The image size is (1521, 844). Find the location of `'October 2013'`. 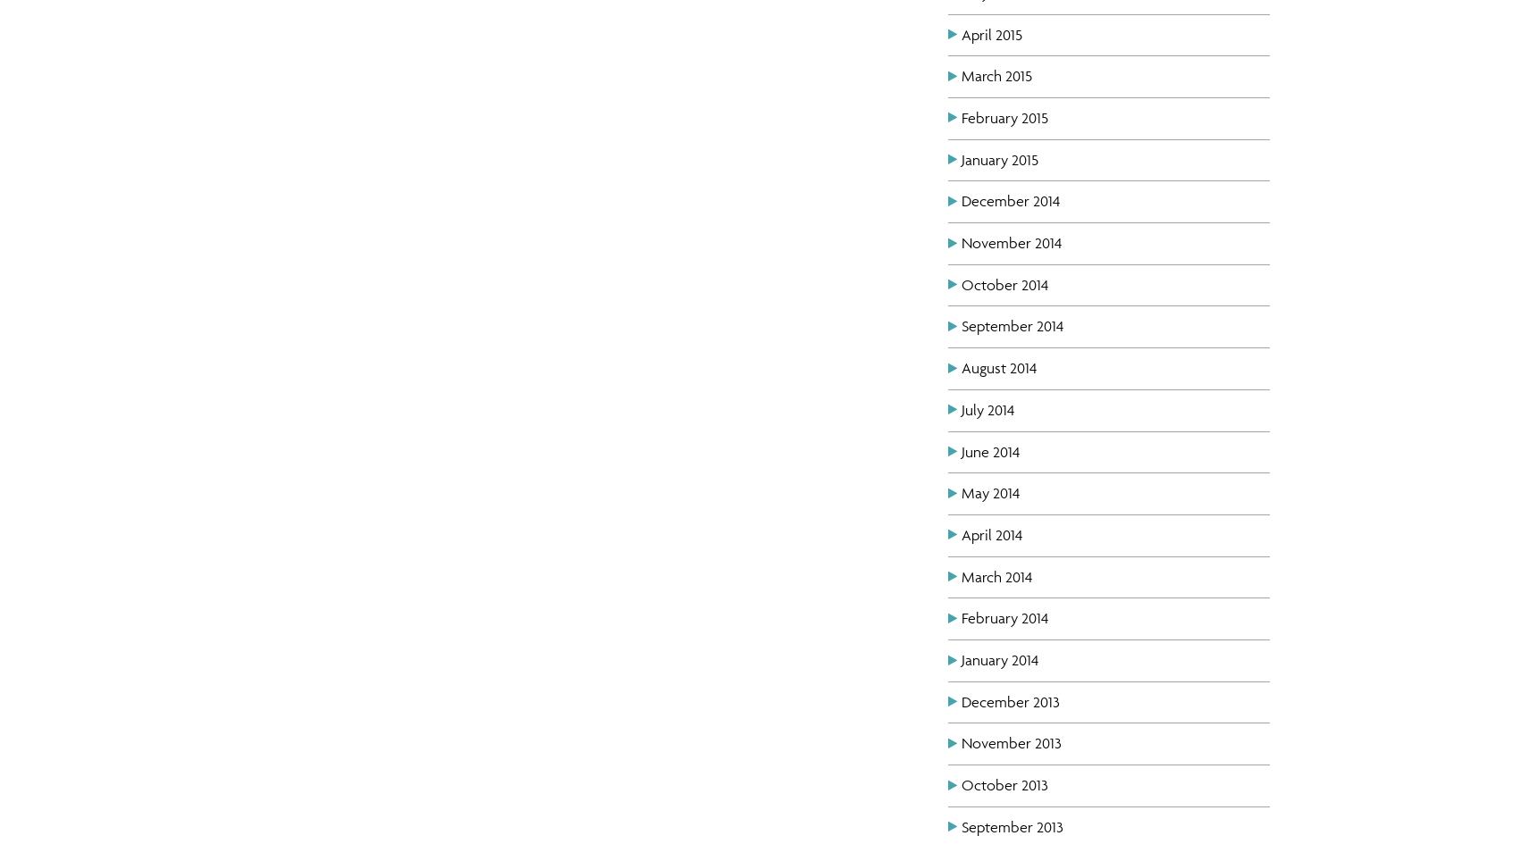

'October 2013' is located at coordinates (1004, 784).